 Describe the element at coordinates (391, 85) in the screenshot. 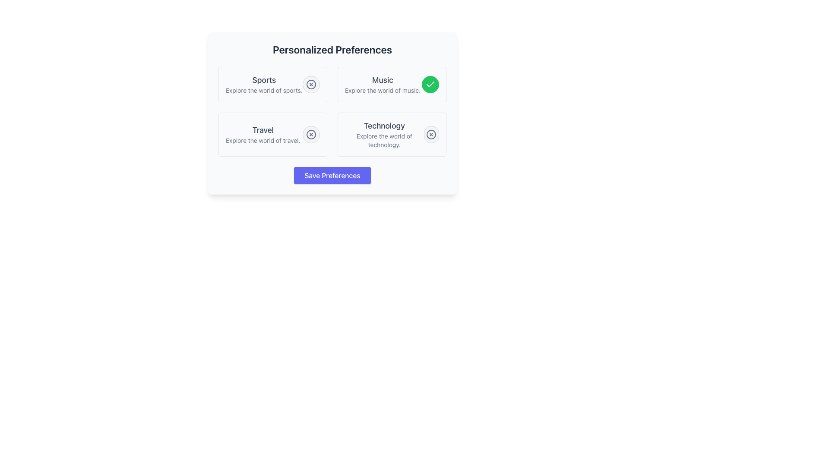

I see `the 'Music' selectable card in the upper-right corner of the grid titled 'Personalized Preferences'` at that location.